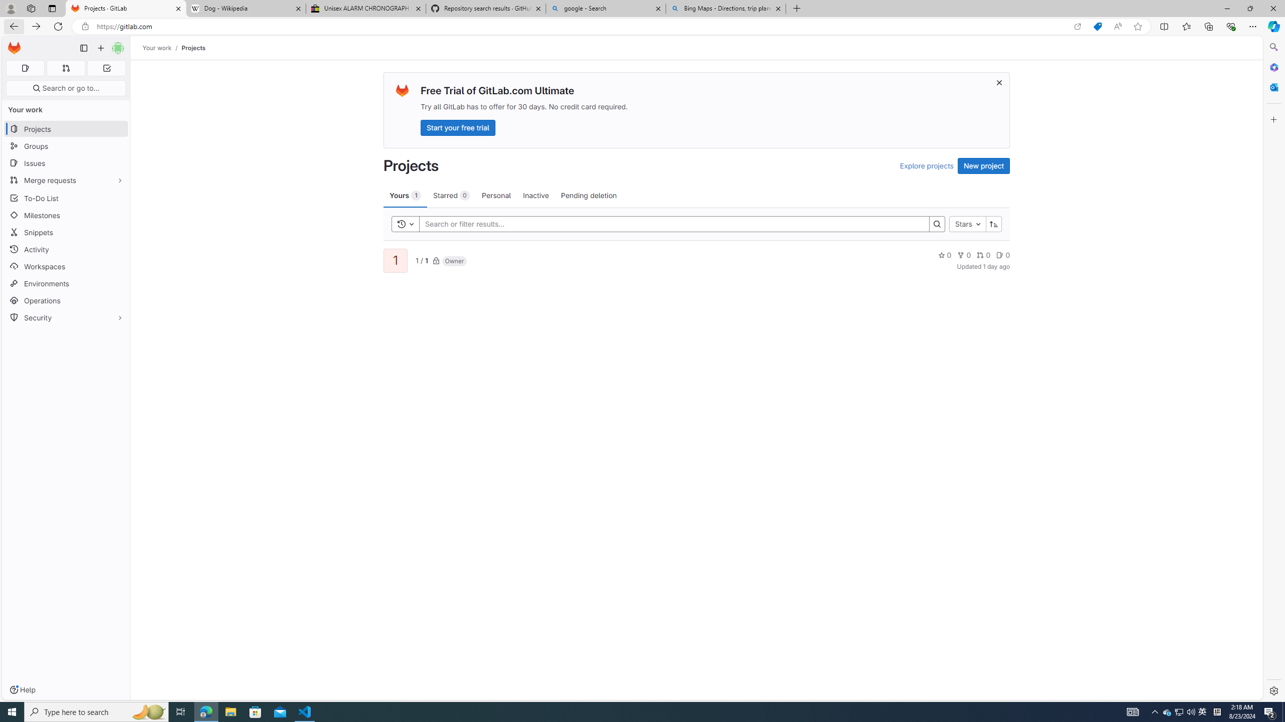  Describe the element at coordinates (65, 215) in the screenshot. I see `'Milestones'` at that location.